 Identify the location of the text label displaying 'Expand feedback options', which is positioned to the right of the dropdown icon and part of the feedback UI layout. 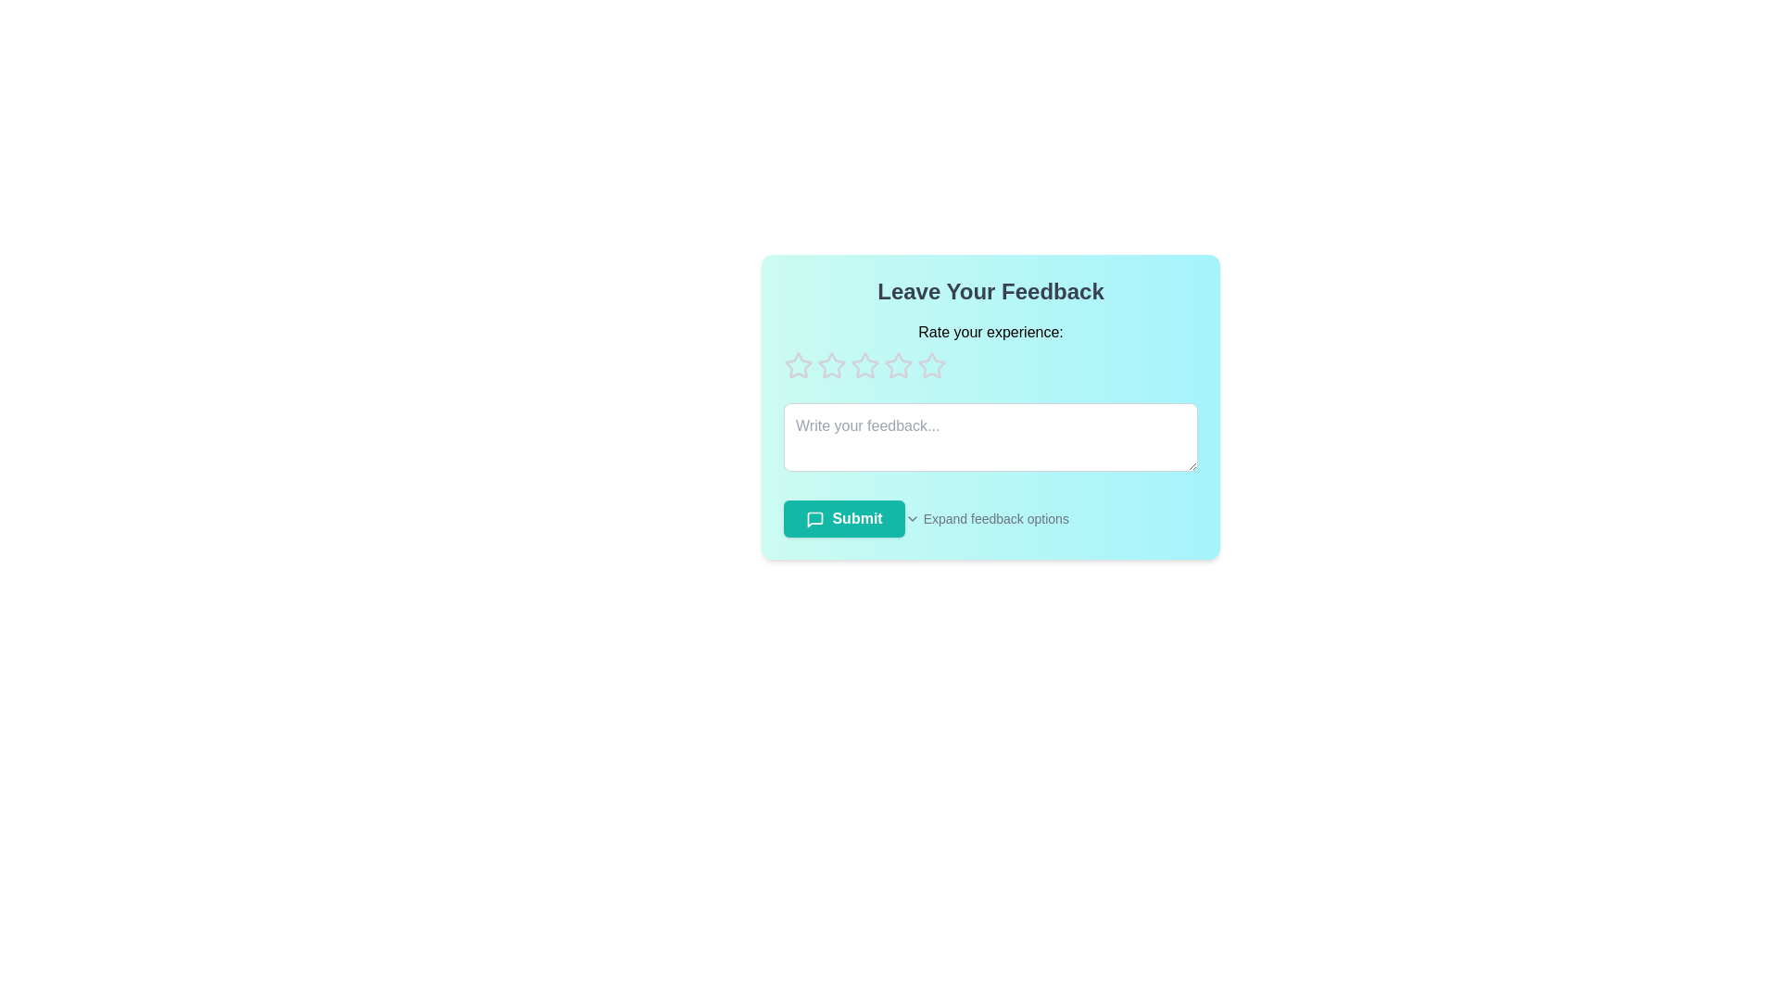
(995, 518).